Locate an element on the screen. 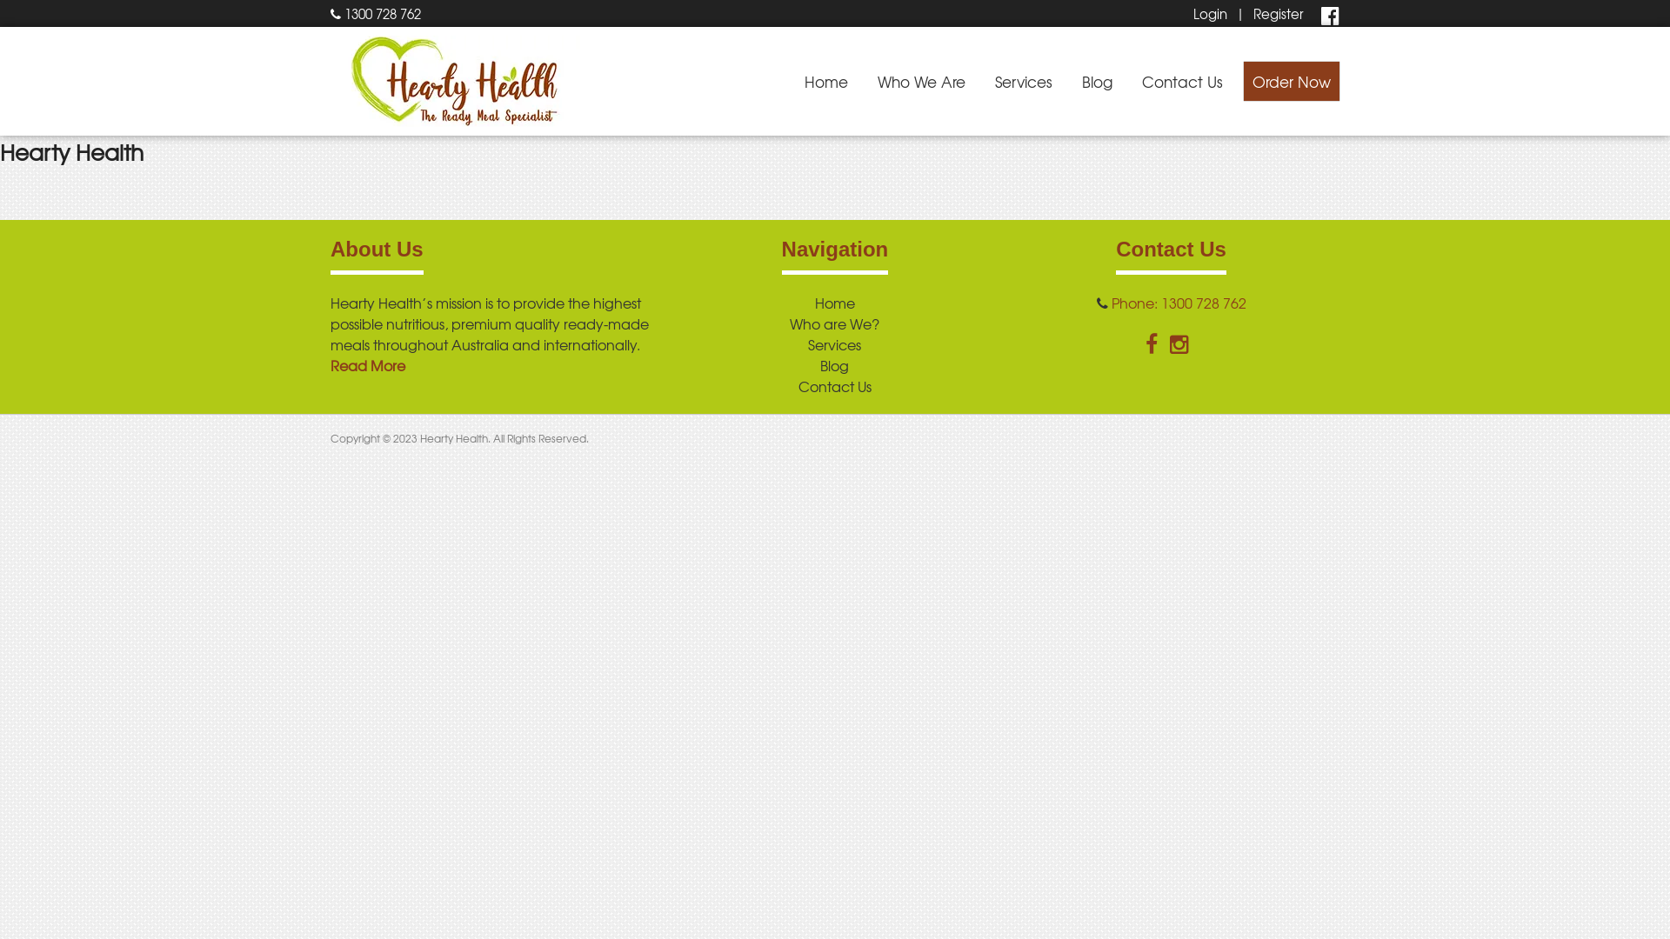 This screenshot has height=939, width=1670. 'Contact Us' is located at coordinates (835, 384).